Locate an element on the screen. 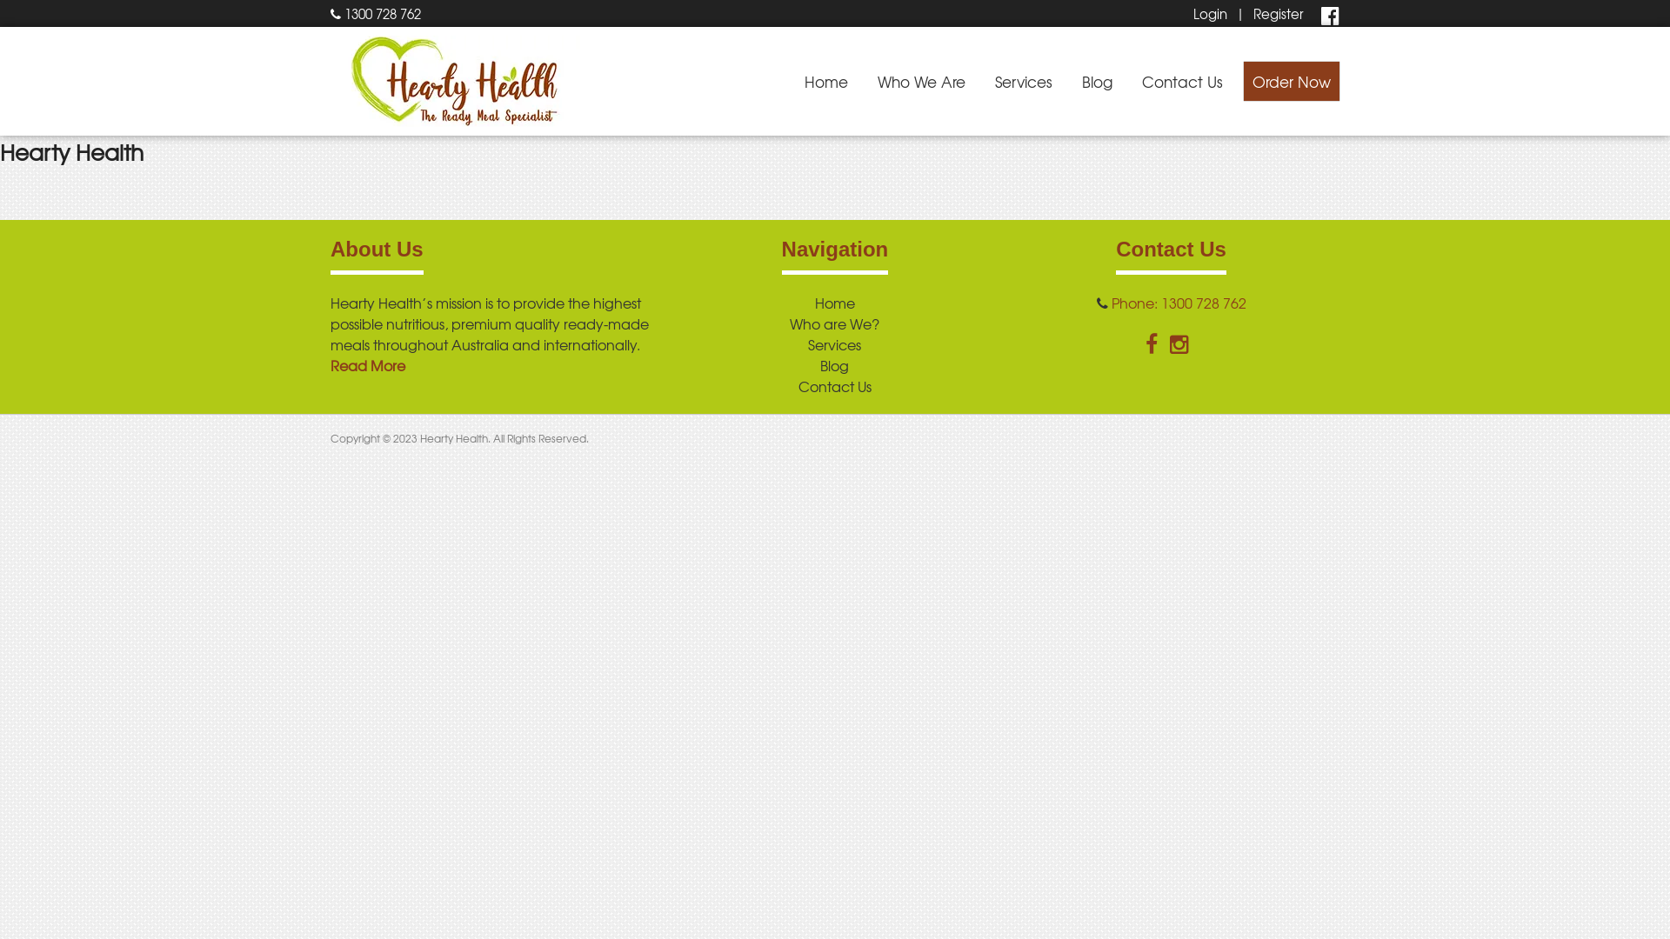 This screenshot has height=939, width=1670. 'Contact Us' is located at coordinates (835, 384).